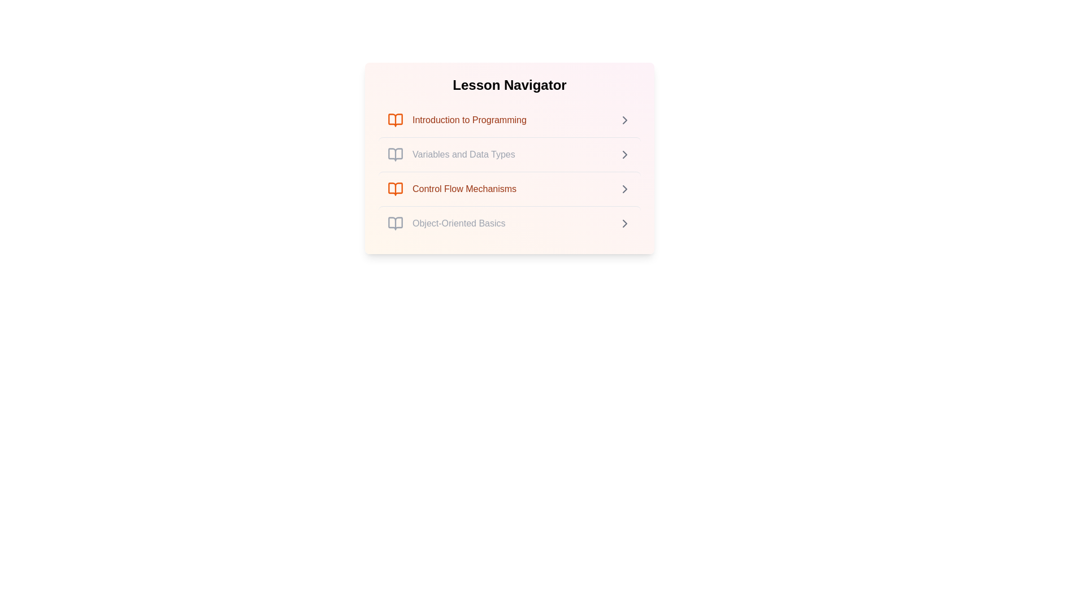 The height and width of the screenshot is (610, 1085). What do you see at coordinates (509, 188) in the screenshot?
I see `the lesson item corresponding to Control Flow Mechanisms` at bounding box center [509, 188].